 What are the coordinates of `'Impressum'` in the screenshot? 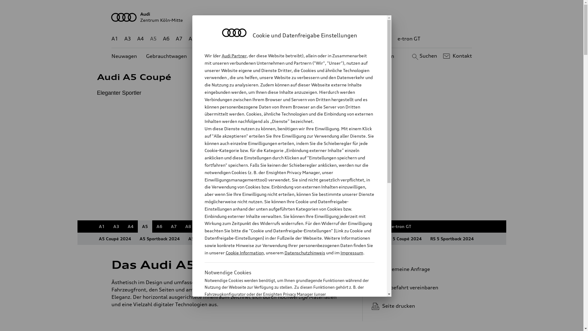 It's located at (352, 253).